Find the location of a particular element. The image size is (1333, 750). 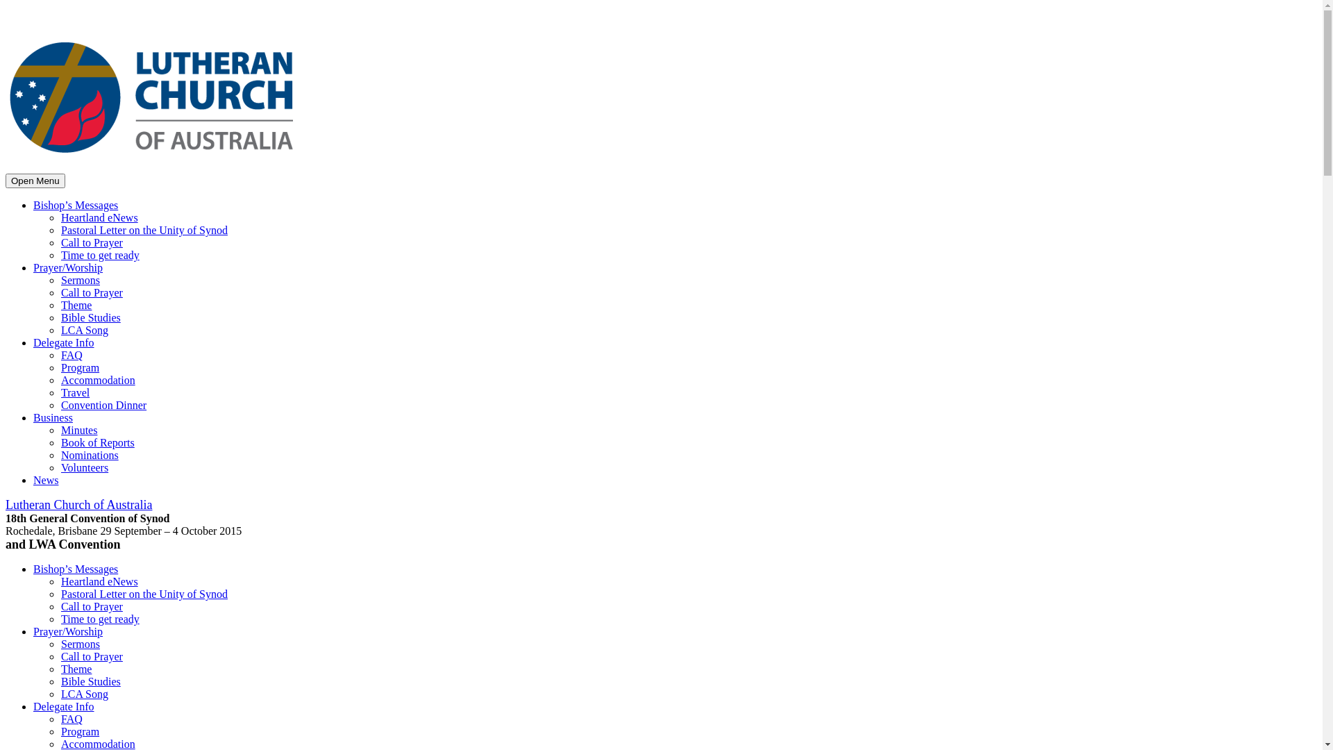

'Delegate Info' is located at coordinates (33, 342).